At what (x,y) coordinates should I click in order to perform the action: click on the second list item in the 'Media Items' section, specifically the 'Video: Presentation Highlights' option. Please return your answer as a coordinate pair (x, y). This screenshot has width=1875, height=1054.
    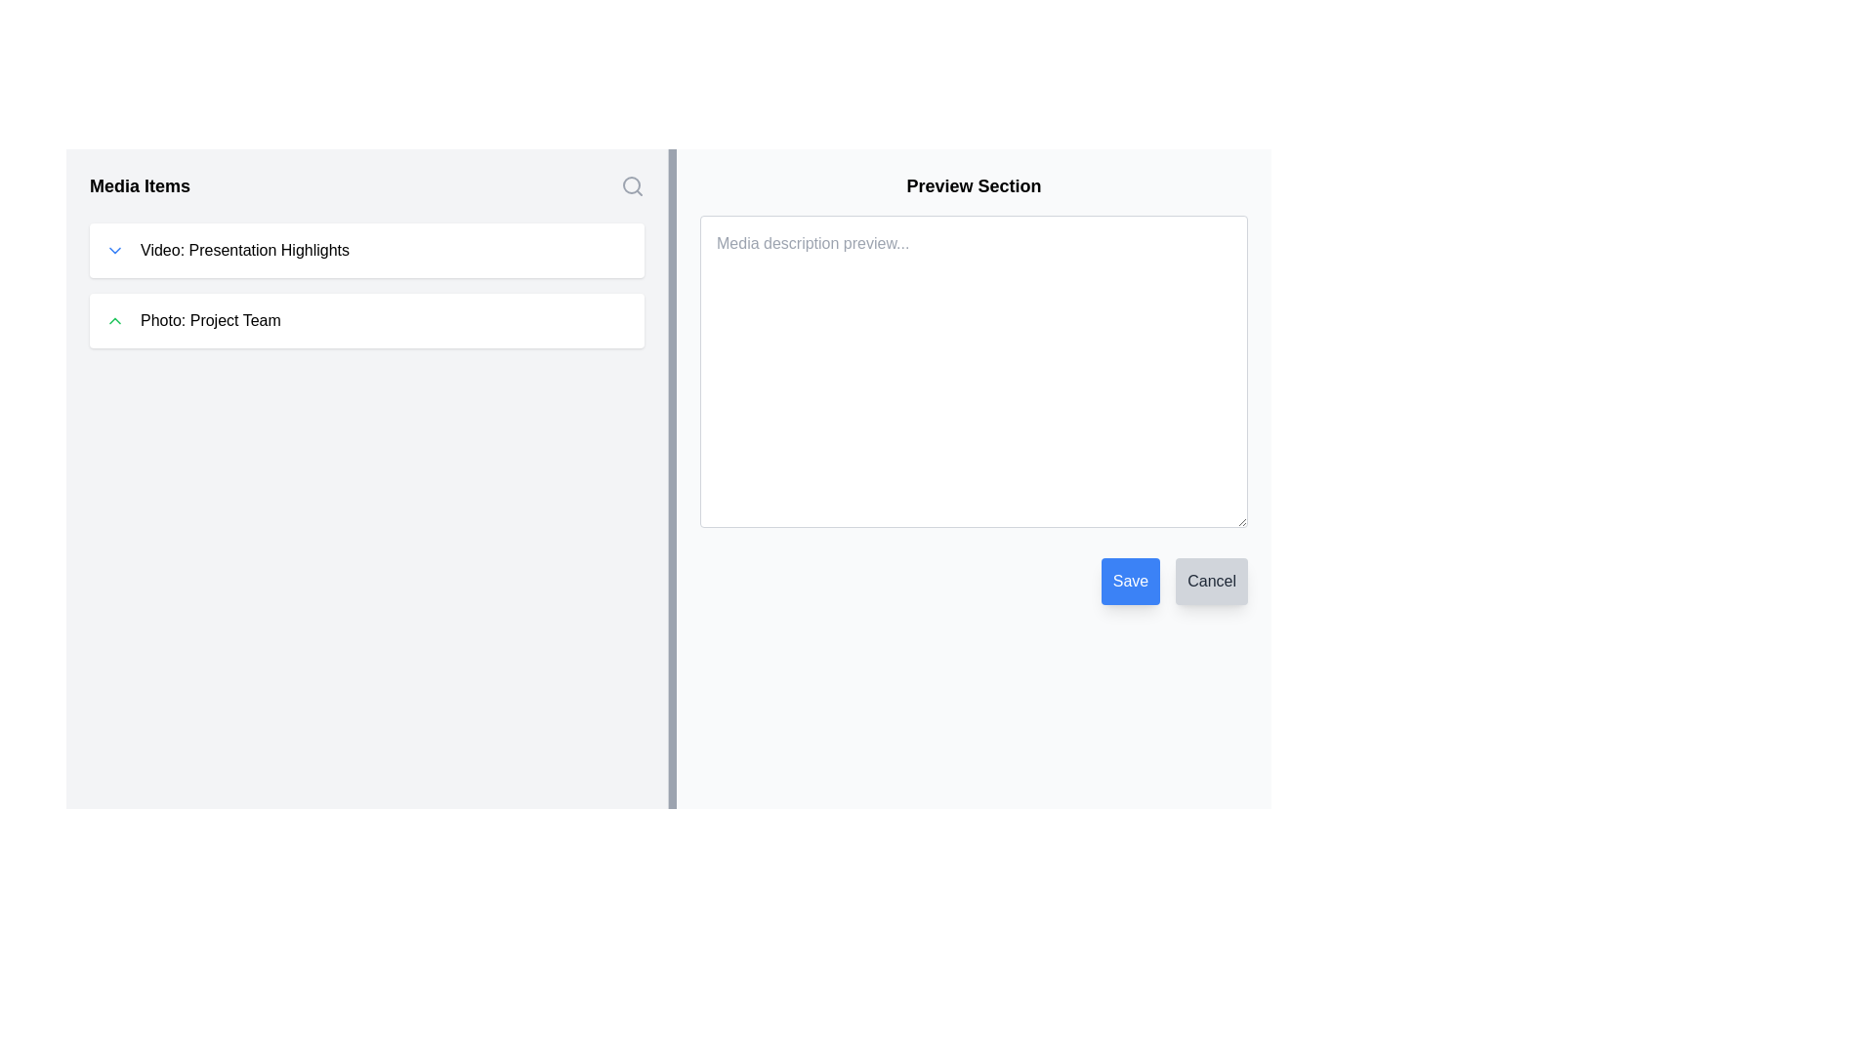
    Looking at the image, I should click on (366, 286).